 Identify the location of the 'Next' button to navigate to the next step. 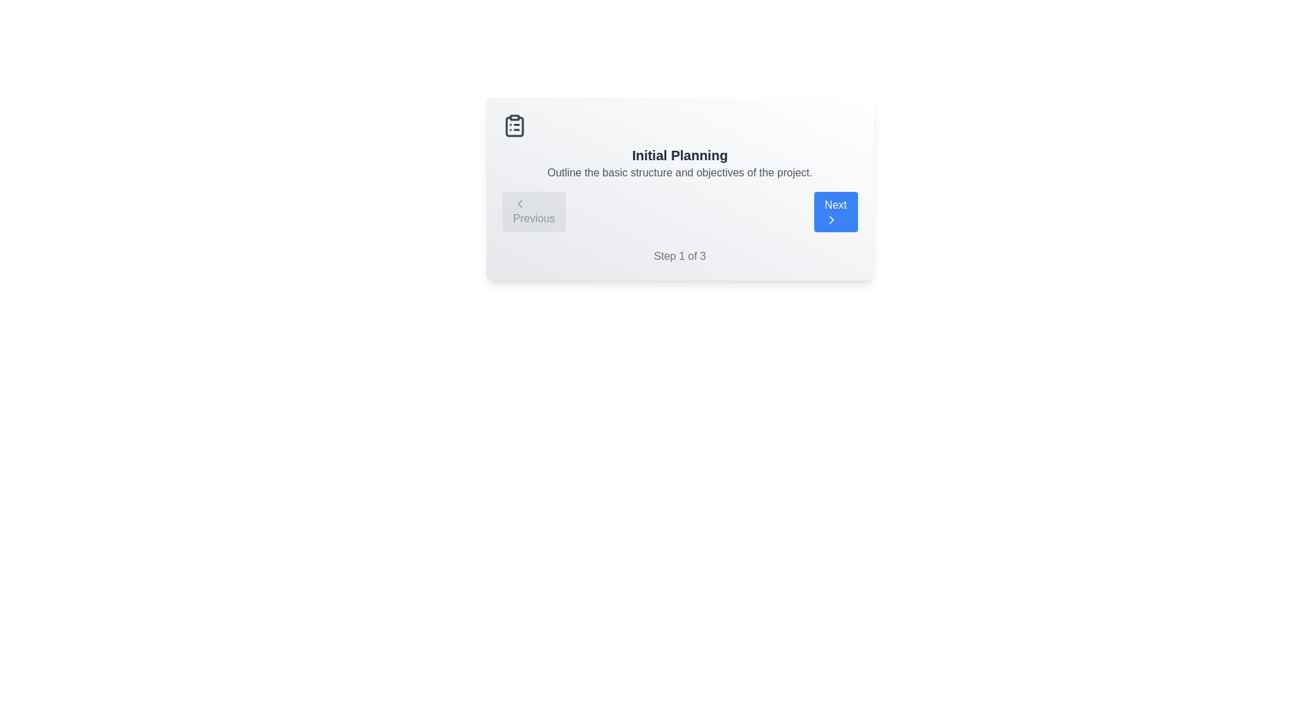
(835, 212).